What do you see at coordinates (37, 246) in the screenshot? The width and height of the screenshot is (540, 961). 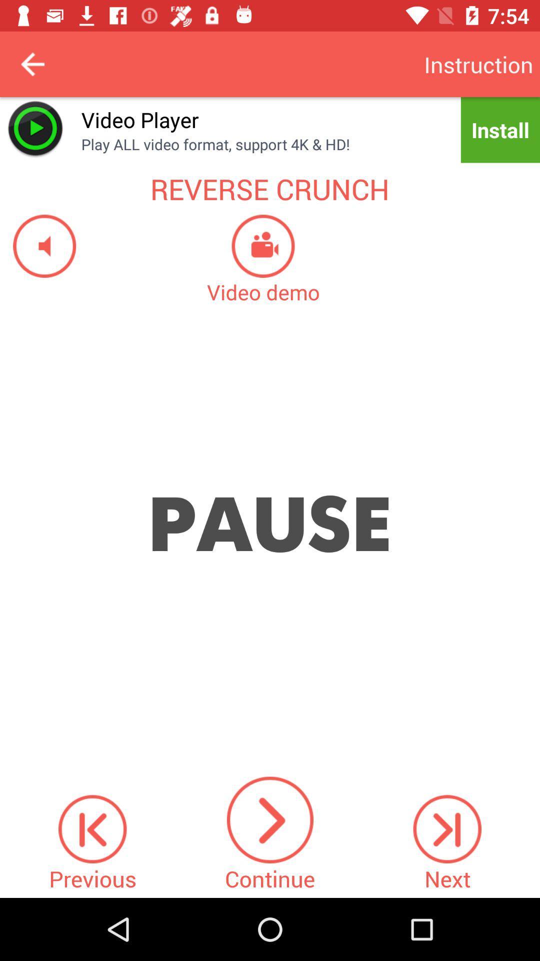 I see `the volume icon` at bounding box center [37, 246].